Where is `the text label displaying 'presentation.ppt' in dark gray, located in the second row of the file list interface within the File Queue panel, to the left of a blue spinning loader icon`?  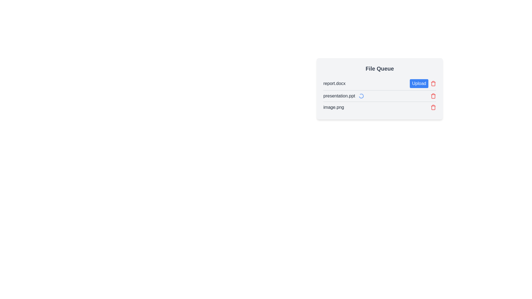
the text label displaying 'presentation.ppt' in dark gray, located in the second row of the file list interface within the File Queue panel, to the left of a blue spinning loader icon is located at coordinates (339, 96).